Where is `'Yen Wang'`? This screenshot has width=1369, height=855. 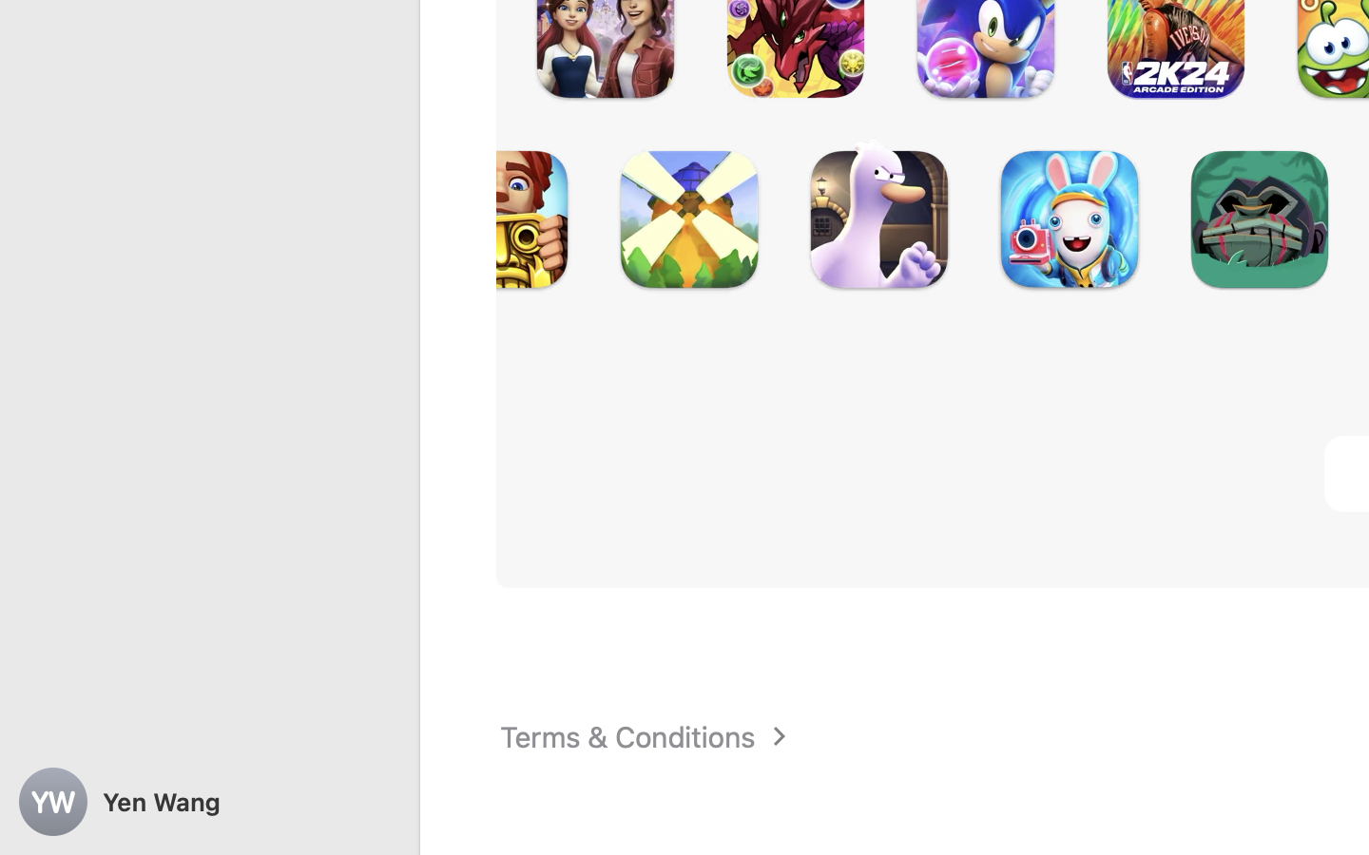 'Yen Wang' is located at coordinates (209, 802).